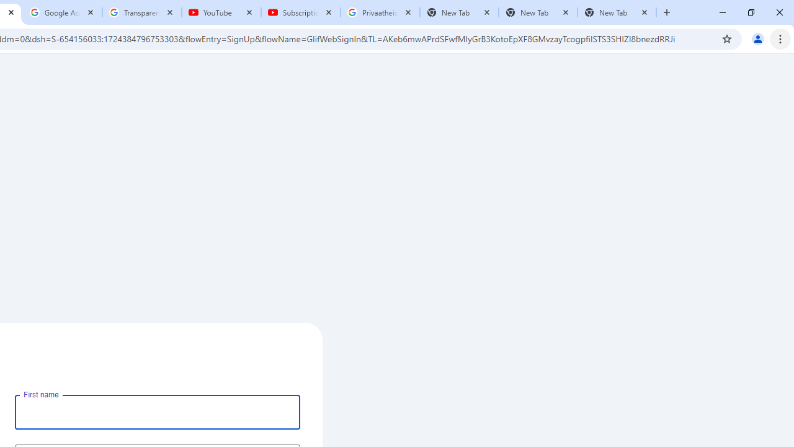  I want to click on 'Bookmark this tab', so click(726, 38).